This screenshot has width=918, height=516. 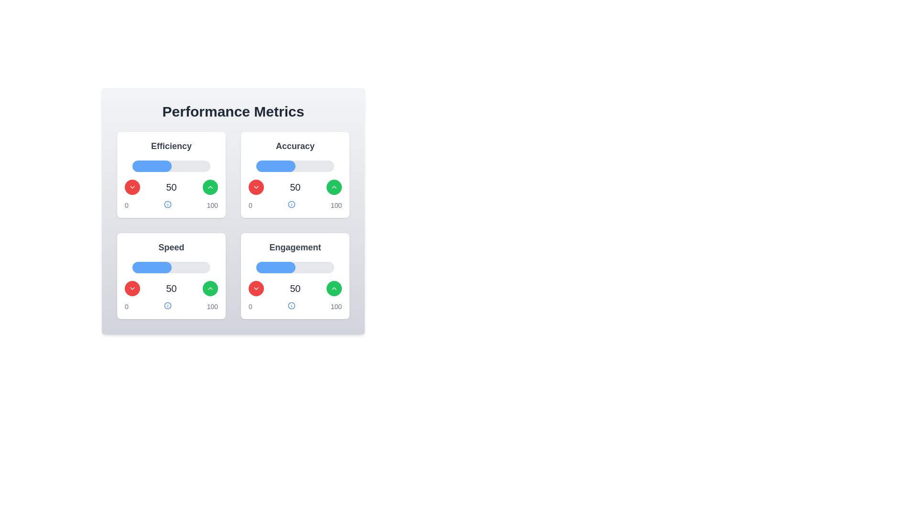 I want to click on the information icon located at the bottom center of the 'Efficiency' card, so click(x=167, y=204).